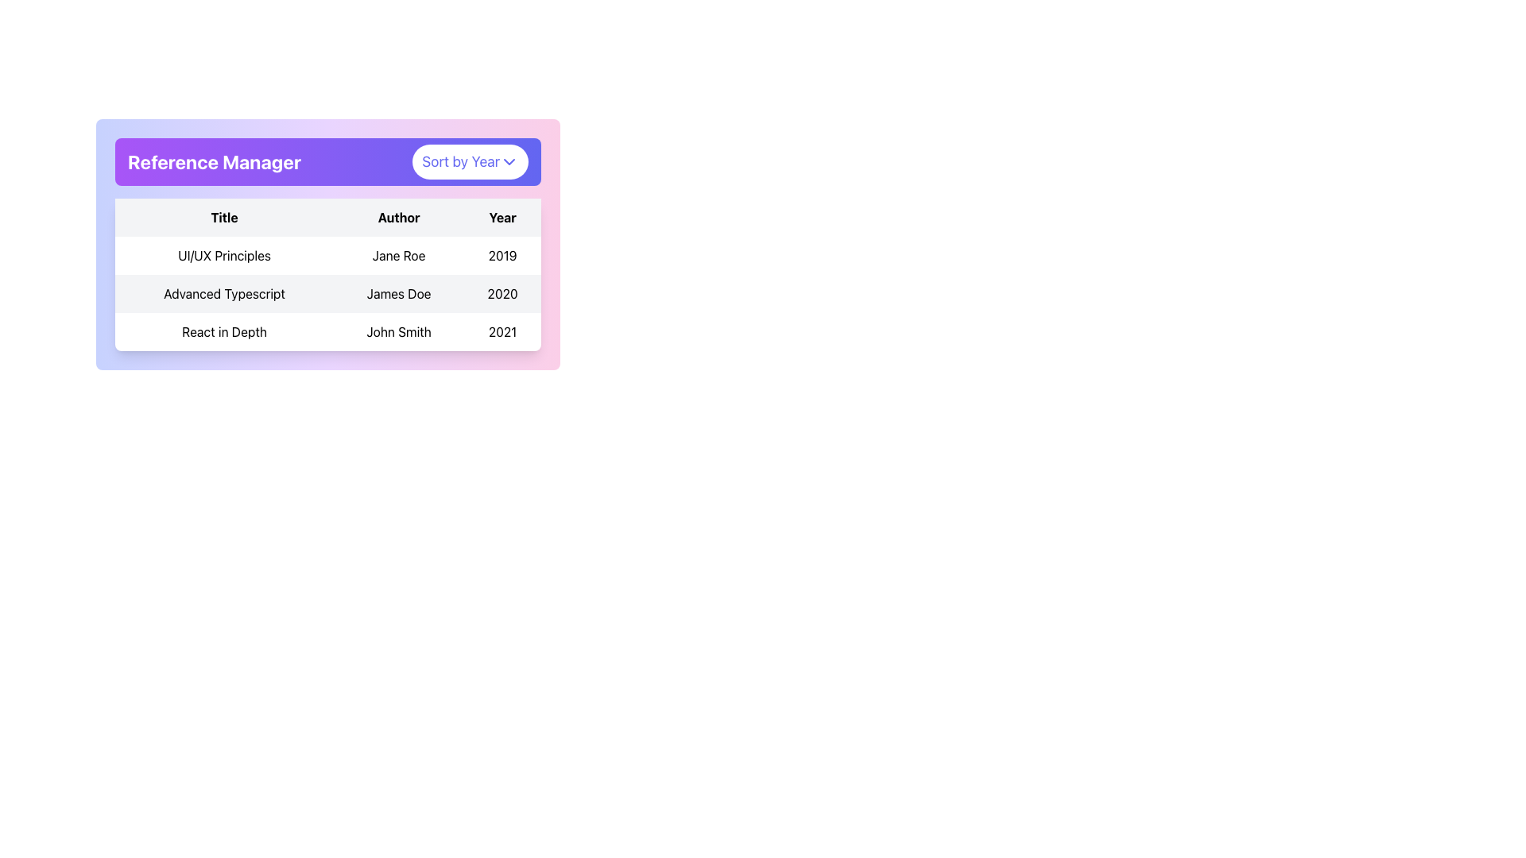 This screenshot has height=858, width=1526. I want to click on the static text label that serves as the header for the year-related data in the tabular layout, which is the third header from the left, so click(502, 217).